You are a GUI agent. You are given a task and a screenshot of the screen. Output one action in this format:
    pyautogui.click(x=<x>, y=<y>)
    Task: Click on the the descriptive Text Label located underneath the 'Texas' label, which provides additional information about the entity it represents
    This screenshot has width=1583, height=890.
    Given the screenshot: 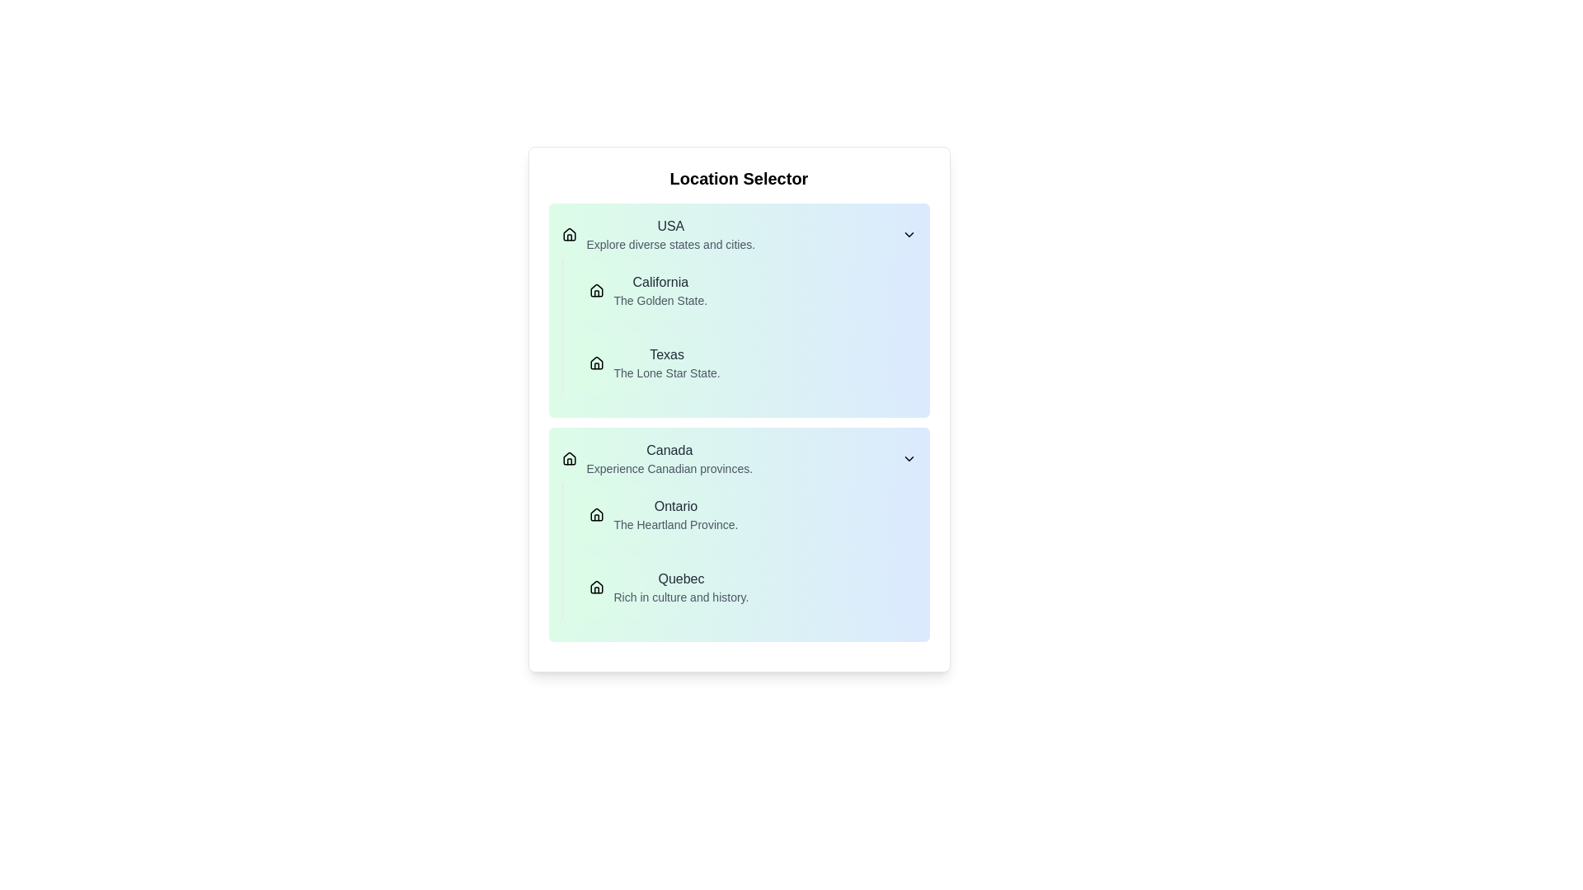 What is the action you would take?
    pyautogui.click(x=667, y=372)
    